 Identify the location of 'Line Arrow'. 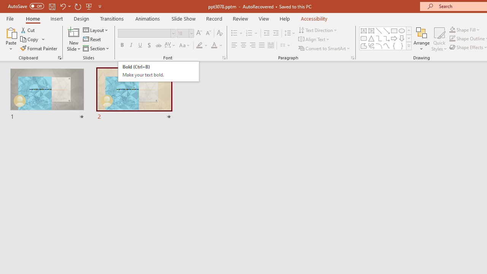
(387, 30).